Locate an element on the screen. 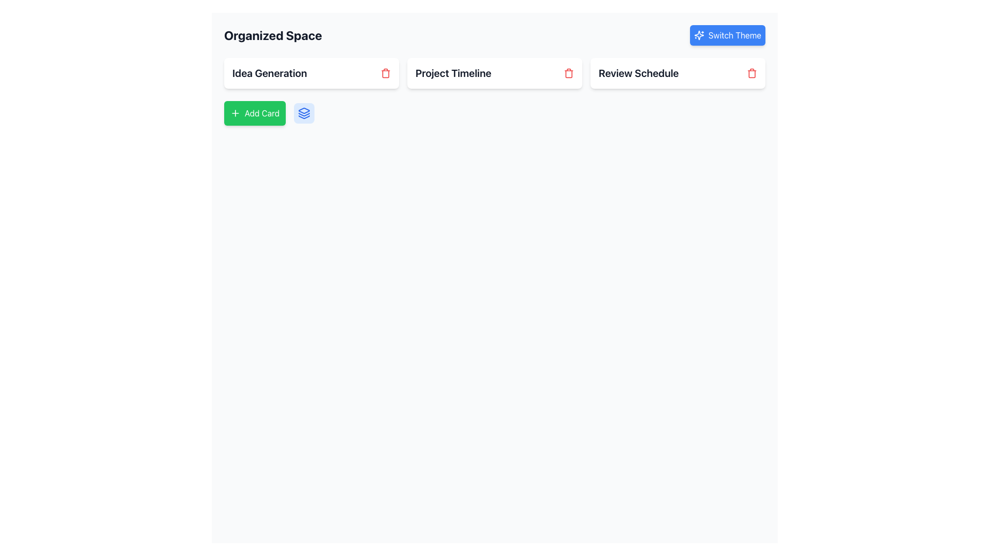 The width and height of the screenshot is (985, 554). the delete button located at the right end of the 'Review Schedule' card is located at coordinates (752, 72).